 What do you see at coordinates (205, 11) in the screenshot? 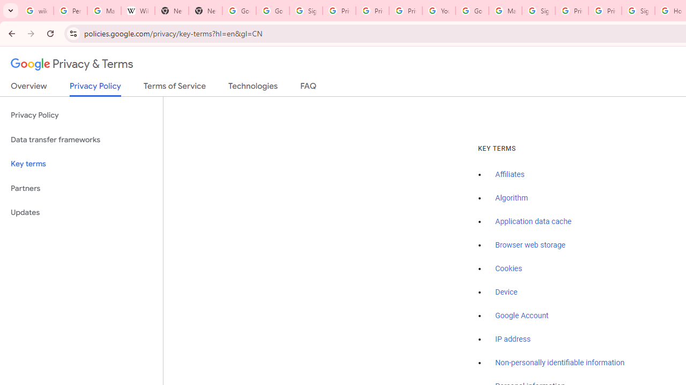
I see `'New Tab'` at bounding box center [205, 11].